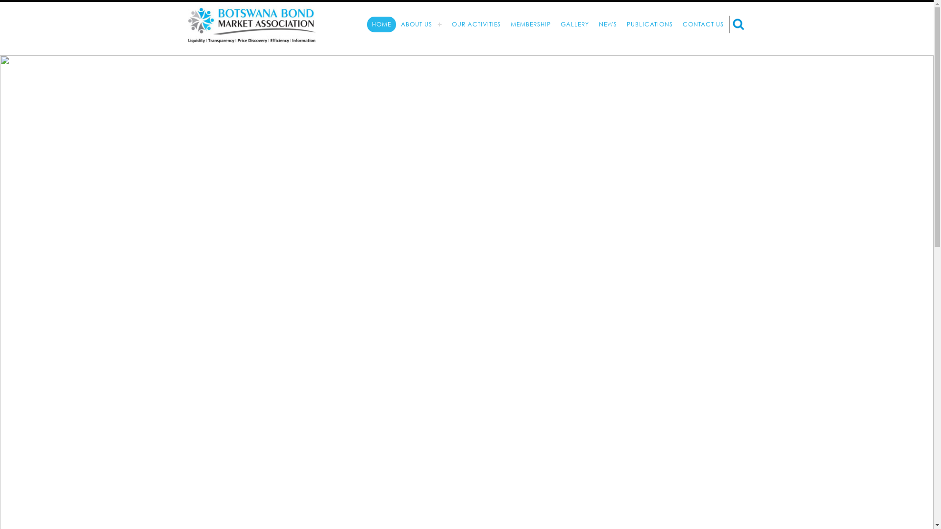 The height and width of the screenshot is (529, 941). I want to click on 'MEMBERSHIP', so click(530, 24).